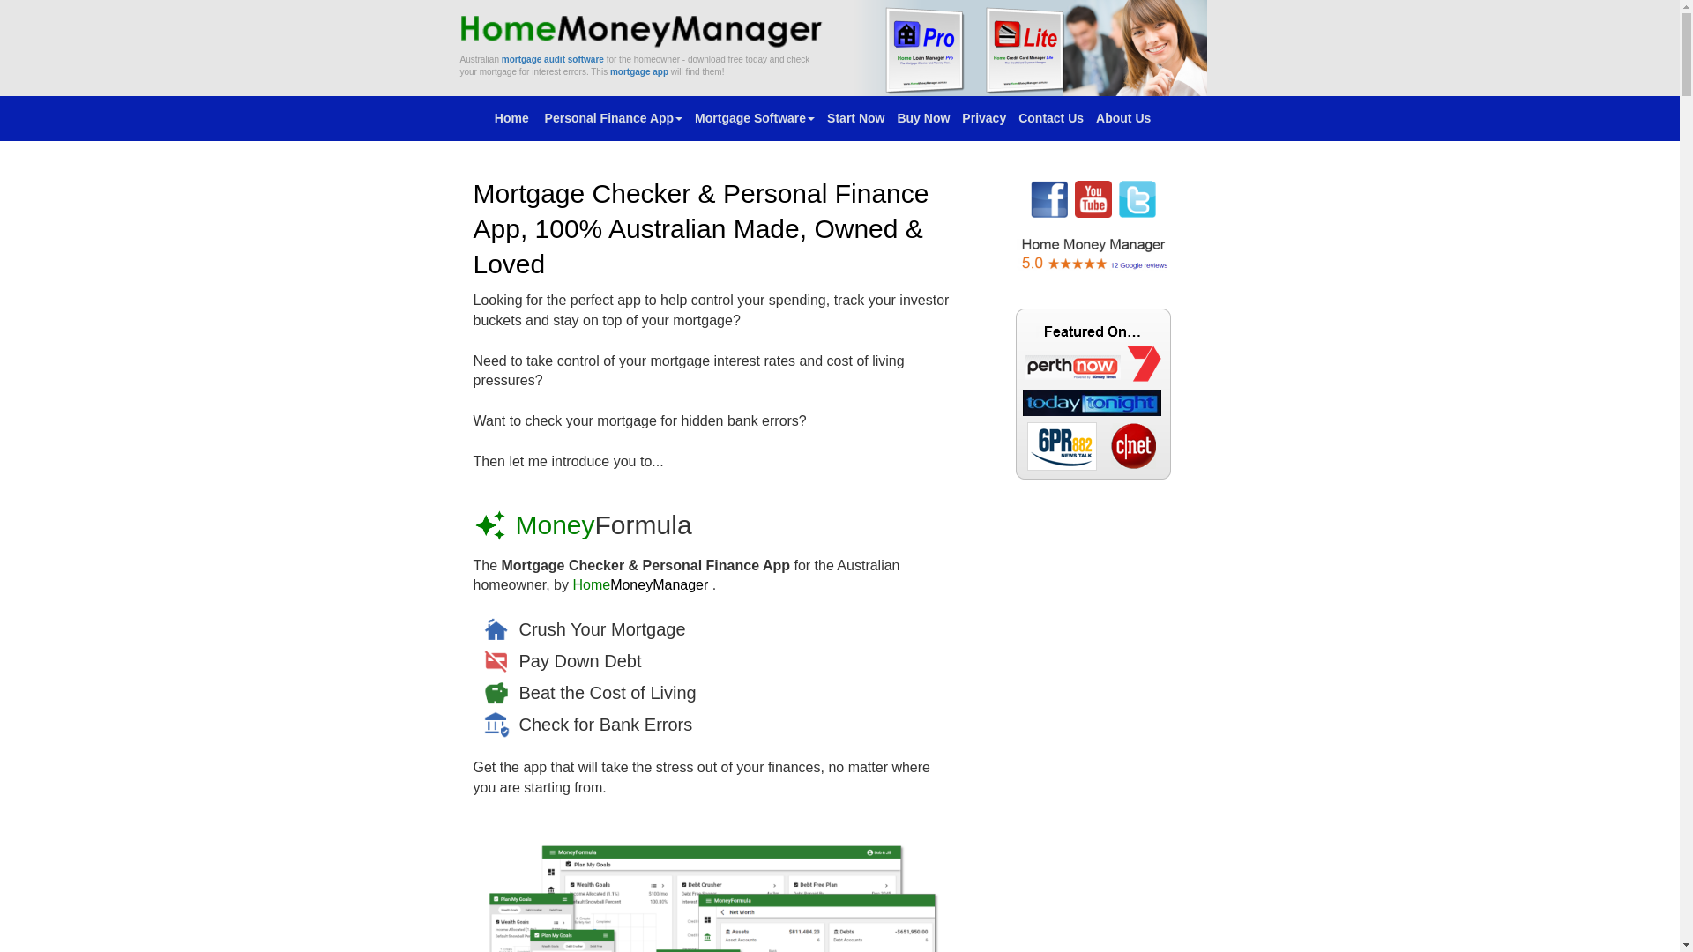 The width and height of the screenshot is (1693, 952). What do you see at coordinates (638, 71) in the screenshot?
I see `'mortgage app'` at bounding box center [638, 71].